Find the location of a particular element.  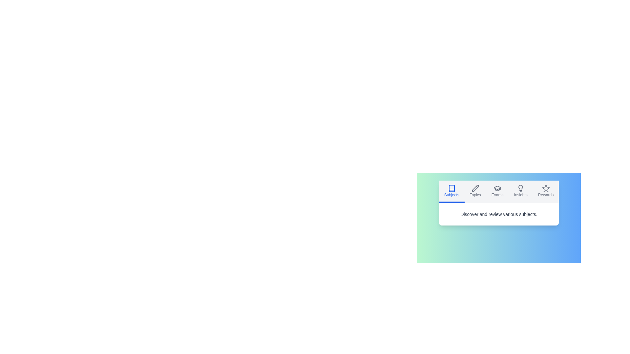

the Insights tab by clicking on its corresponding button is located at coordinates (520, 192).